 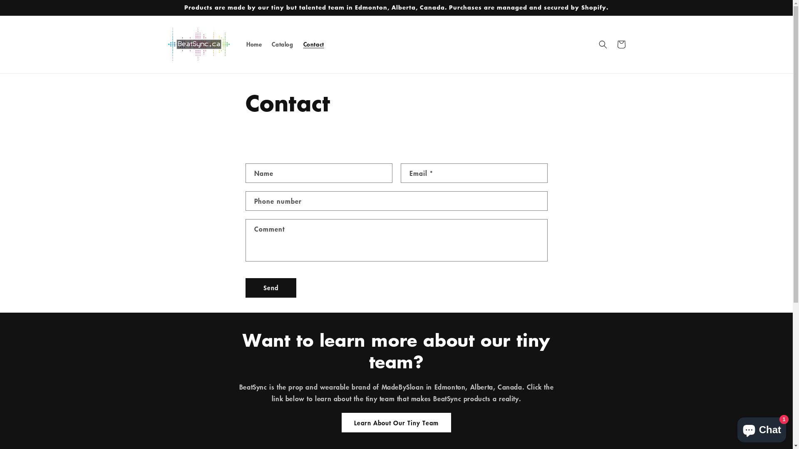 I want to click on 'Send', so click(x=245, y=287).